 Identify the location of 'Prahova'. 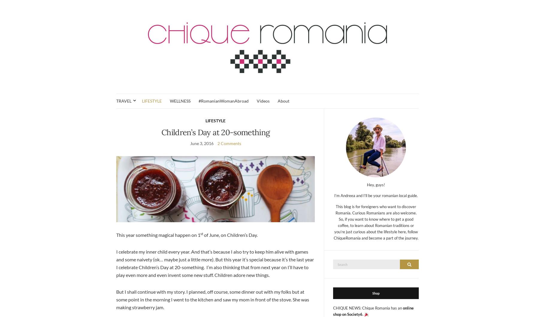
(126, 185).